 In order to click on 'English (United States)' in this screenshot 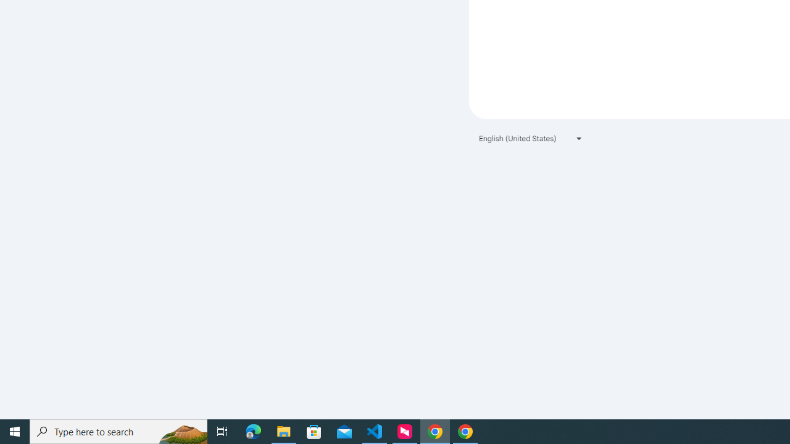, I will do `click(531, 138)`.